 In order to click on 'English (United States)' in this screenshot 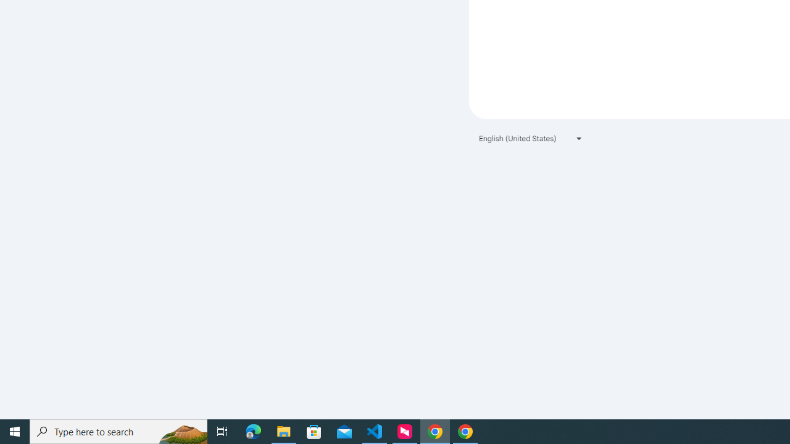, I will do `click(531, 138)`.